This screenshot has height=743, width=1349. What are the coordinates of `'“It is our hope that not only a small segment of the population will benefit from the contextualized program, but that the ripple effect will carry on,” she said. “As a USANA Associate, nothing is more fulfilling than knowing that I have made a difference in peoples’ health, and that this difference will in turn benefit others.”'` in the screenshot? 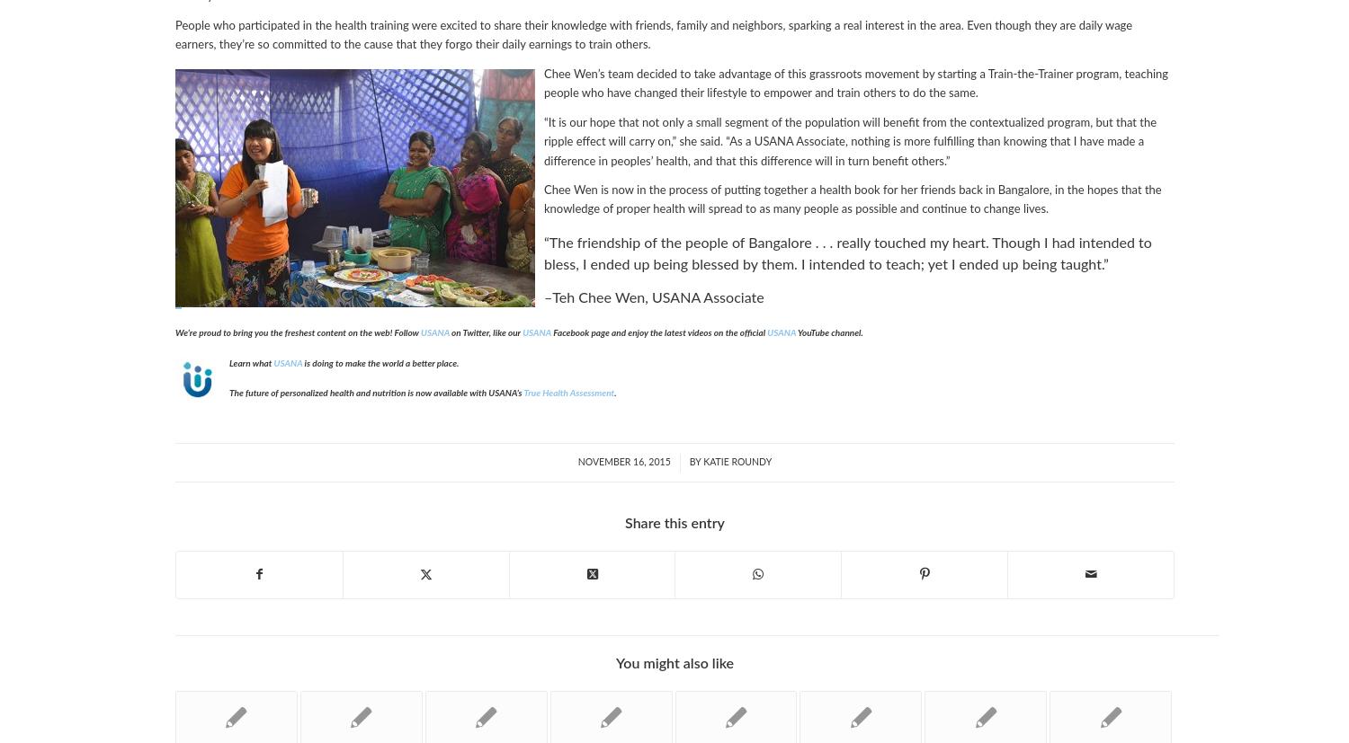 It's located at (849, 142).